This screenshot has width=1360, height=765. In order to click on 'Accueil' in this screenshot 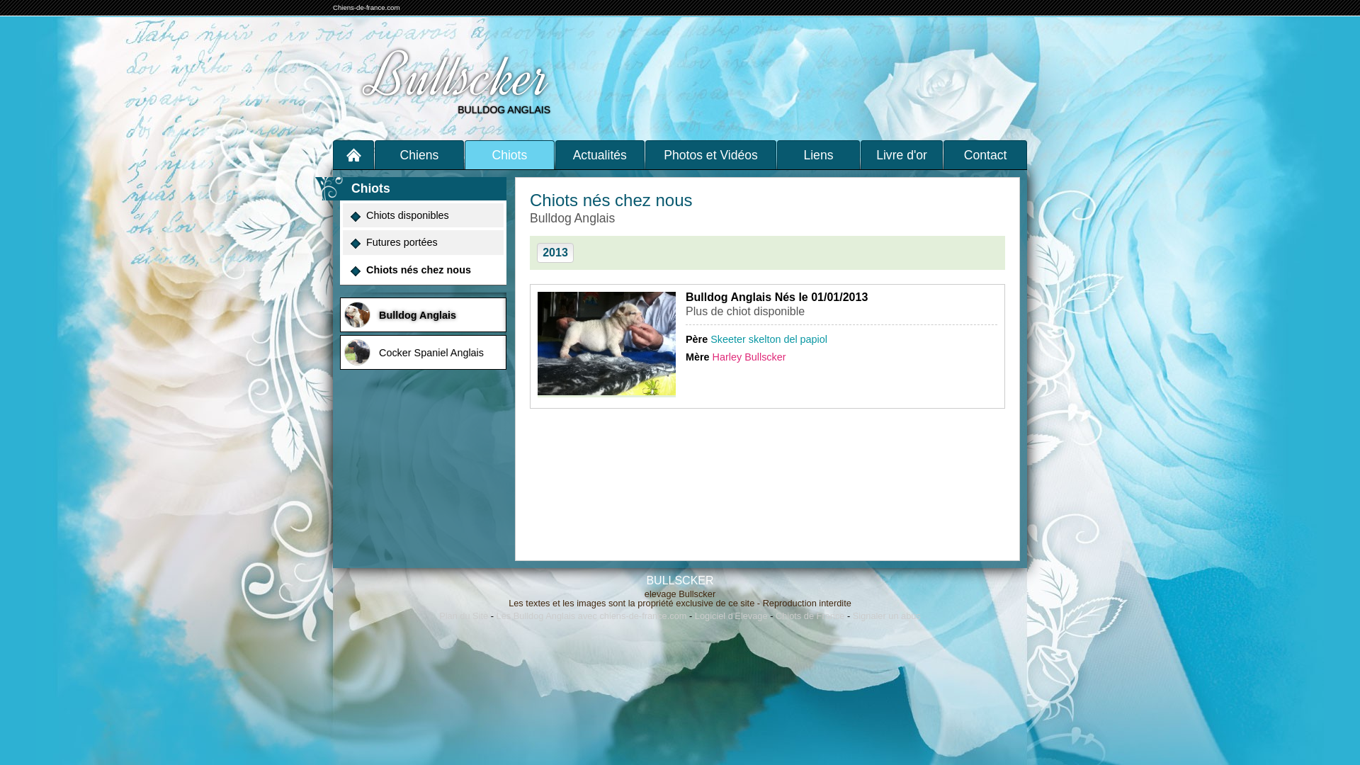, I will do `click(332, 154)`.